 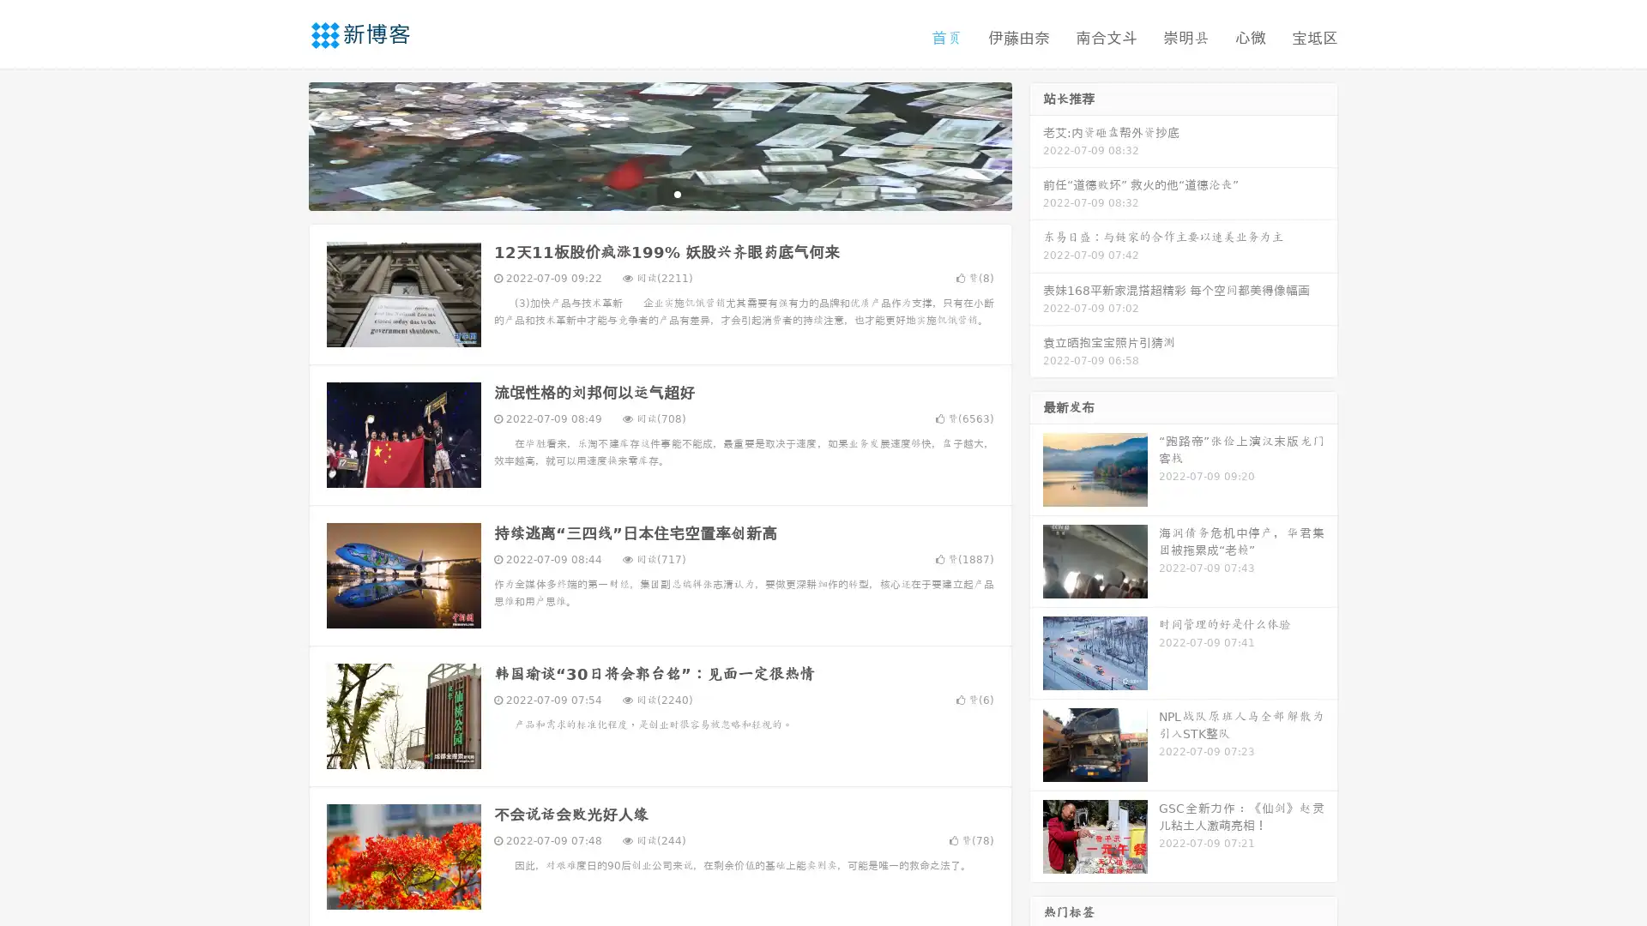 What do you see at coordinates (283, 144) in the screenshot?
I see `Previous slide` at bounding box center [283, 144].